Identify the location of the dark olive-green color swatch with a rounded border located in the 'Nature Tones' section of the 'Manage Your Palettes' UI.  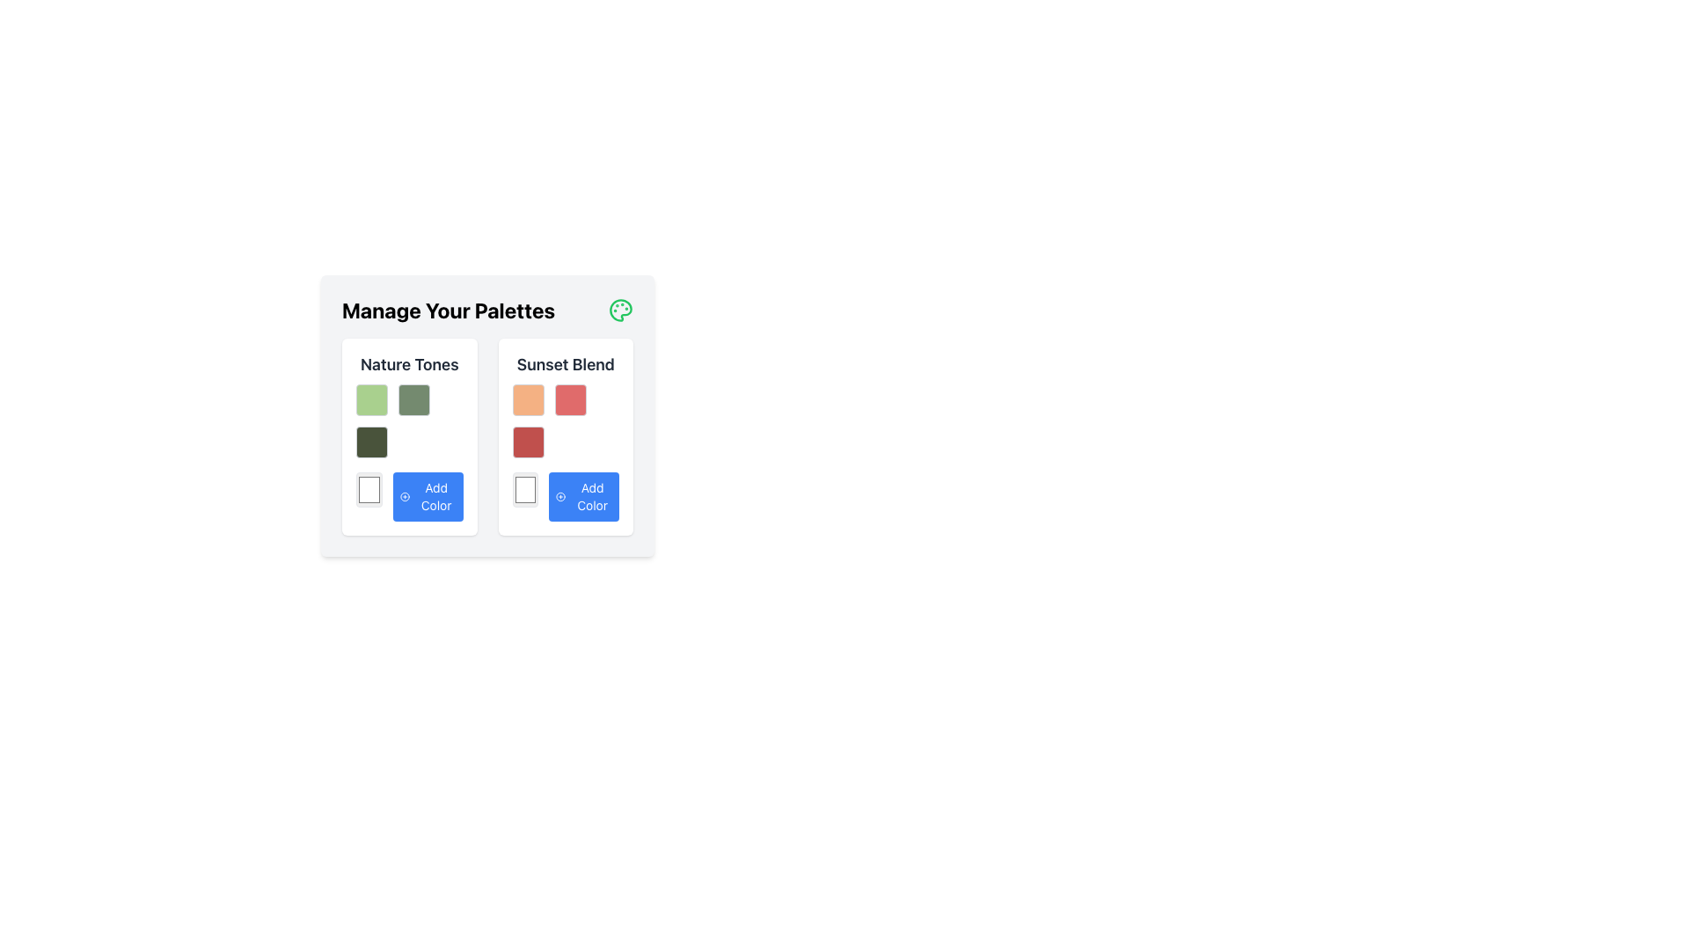
(370, 441).